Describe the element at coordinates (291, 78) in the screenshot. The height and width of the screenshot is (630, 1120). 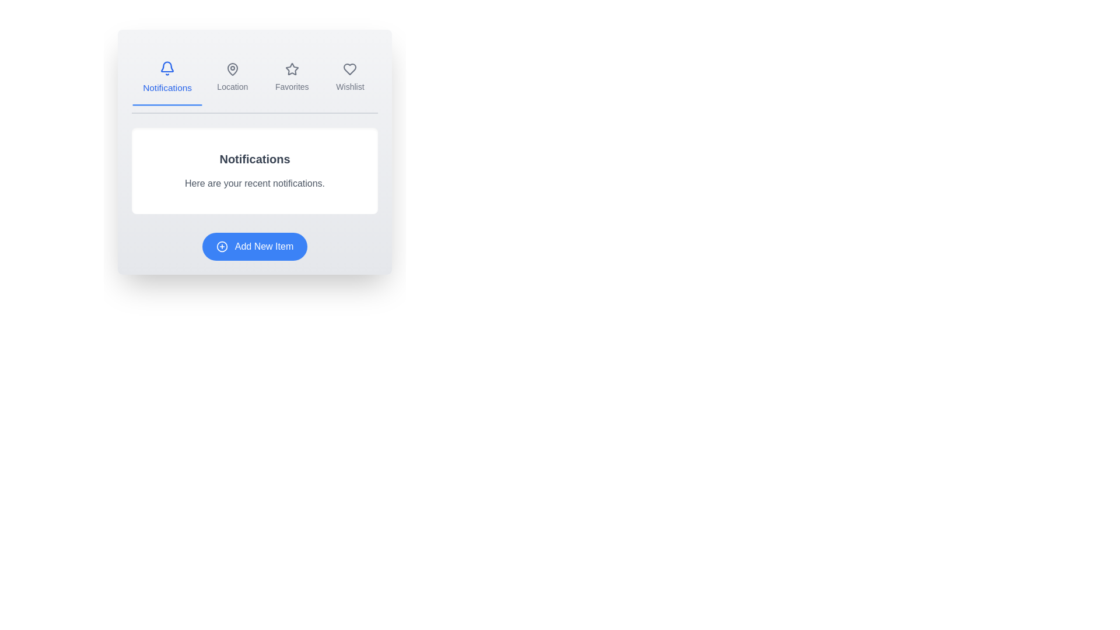
I see `the tab labeled Favorites` at that location.